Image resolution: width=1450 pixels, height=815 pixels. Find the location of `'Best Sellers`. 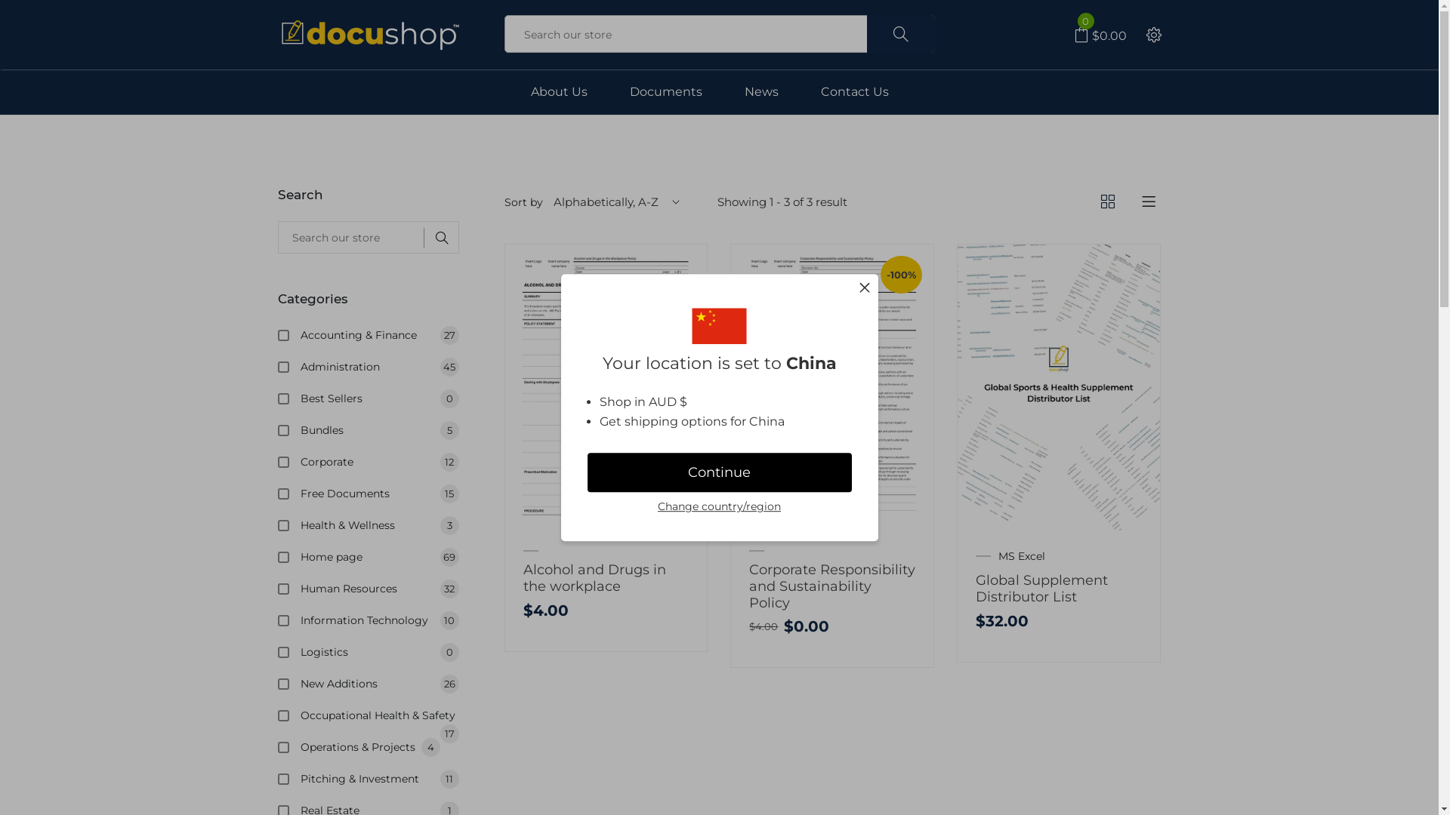

'Best Sellers is located at coordinates (380, 398).